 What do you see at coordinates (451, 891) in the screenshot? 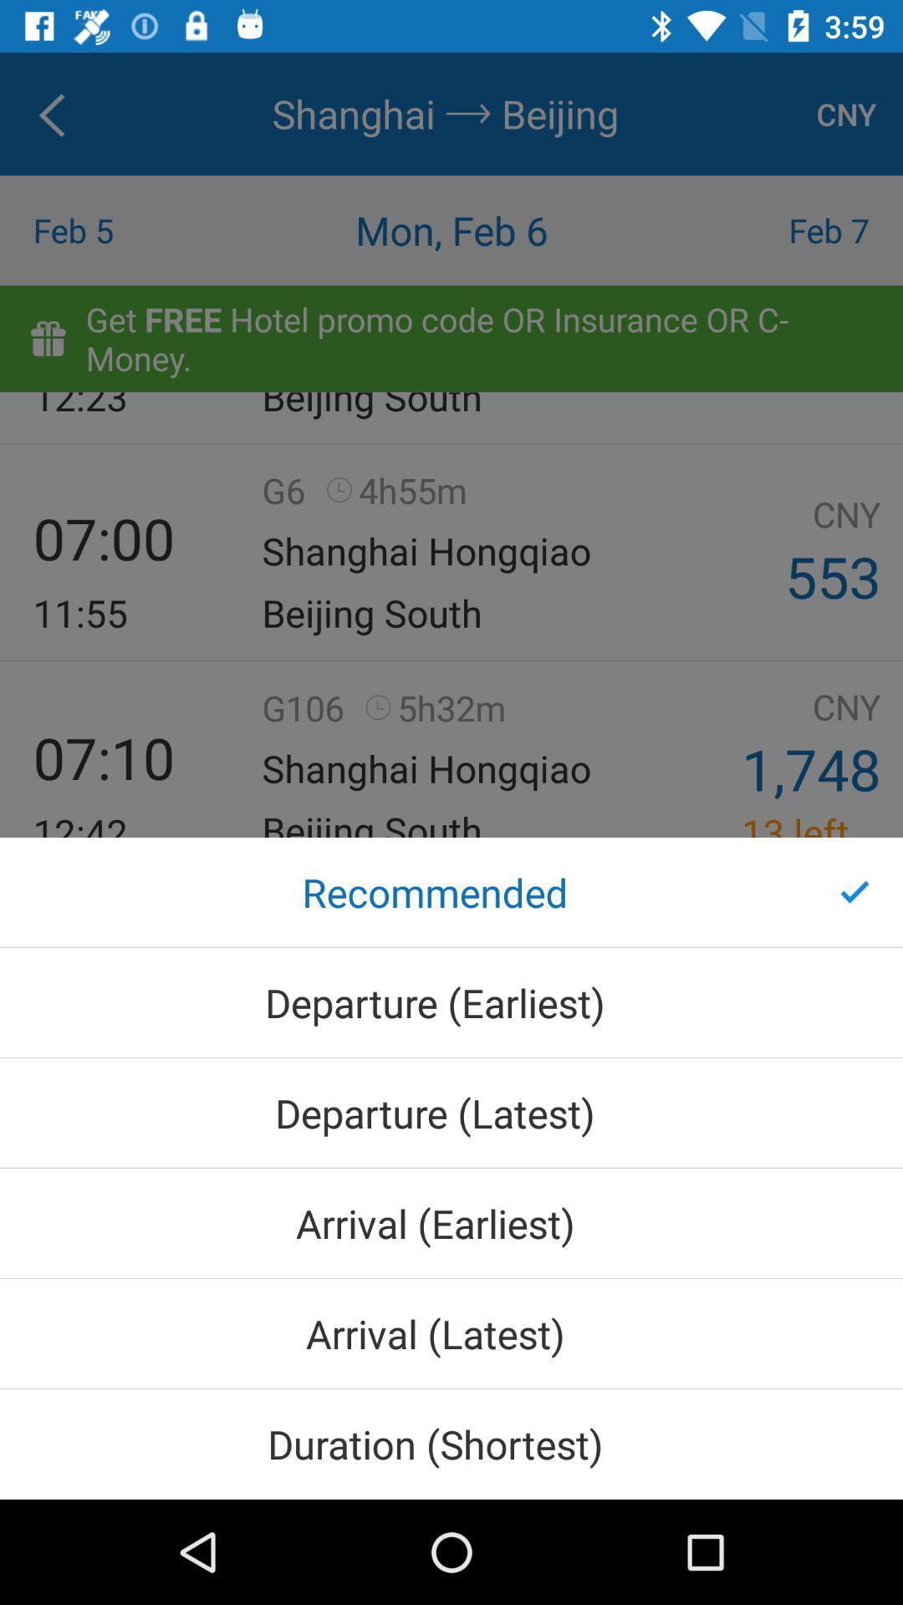
I see `the recommended` at bounding box center [451, 891].